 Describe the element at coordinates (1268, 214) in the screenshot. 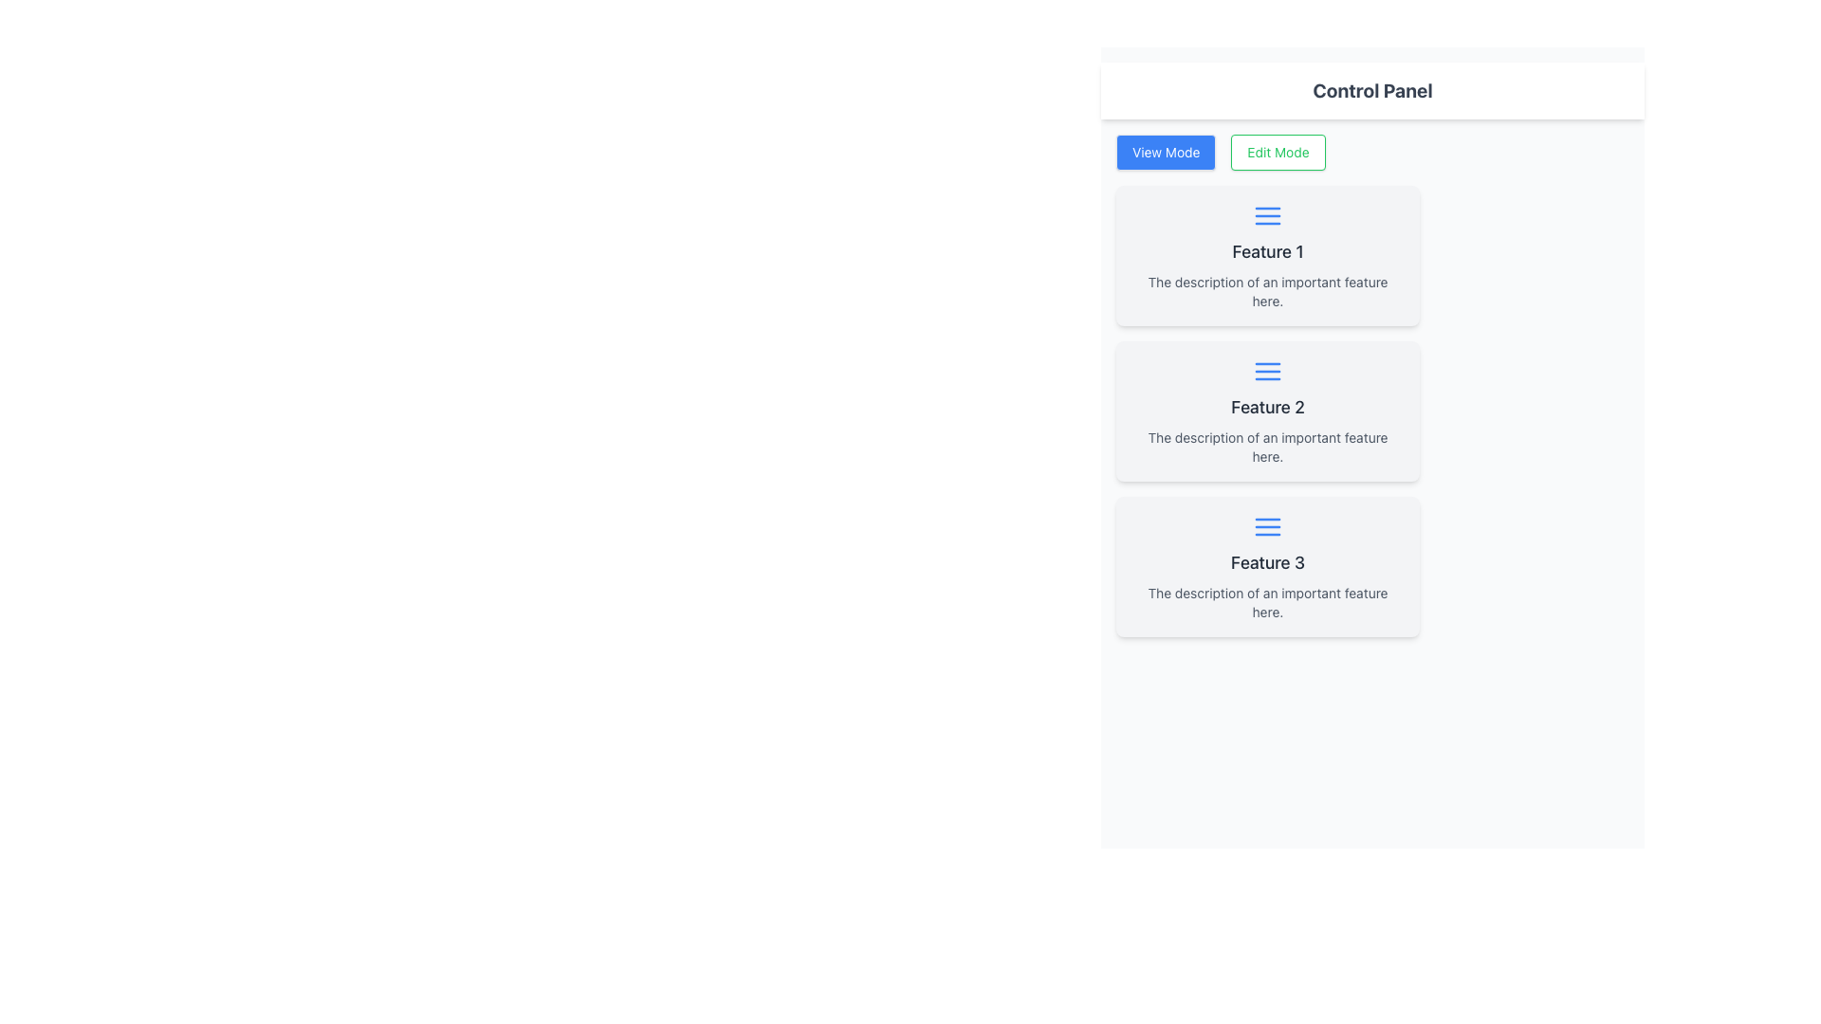

I see `the blue SVG icon composed of three horizontal lines located above the text 'Feature 1'` at that location.